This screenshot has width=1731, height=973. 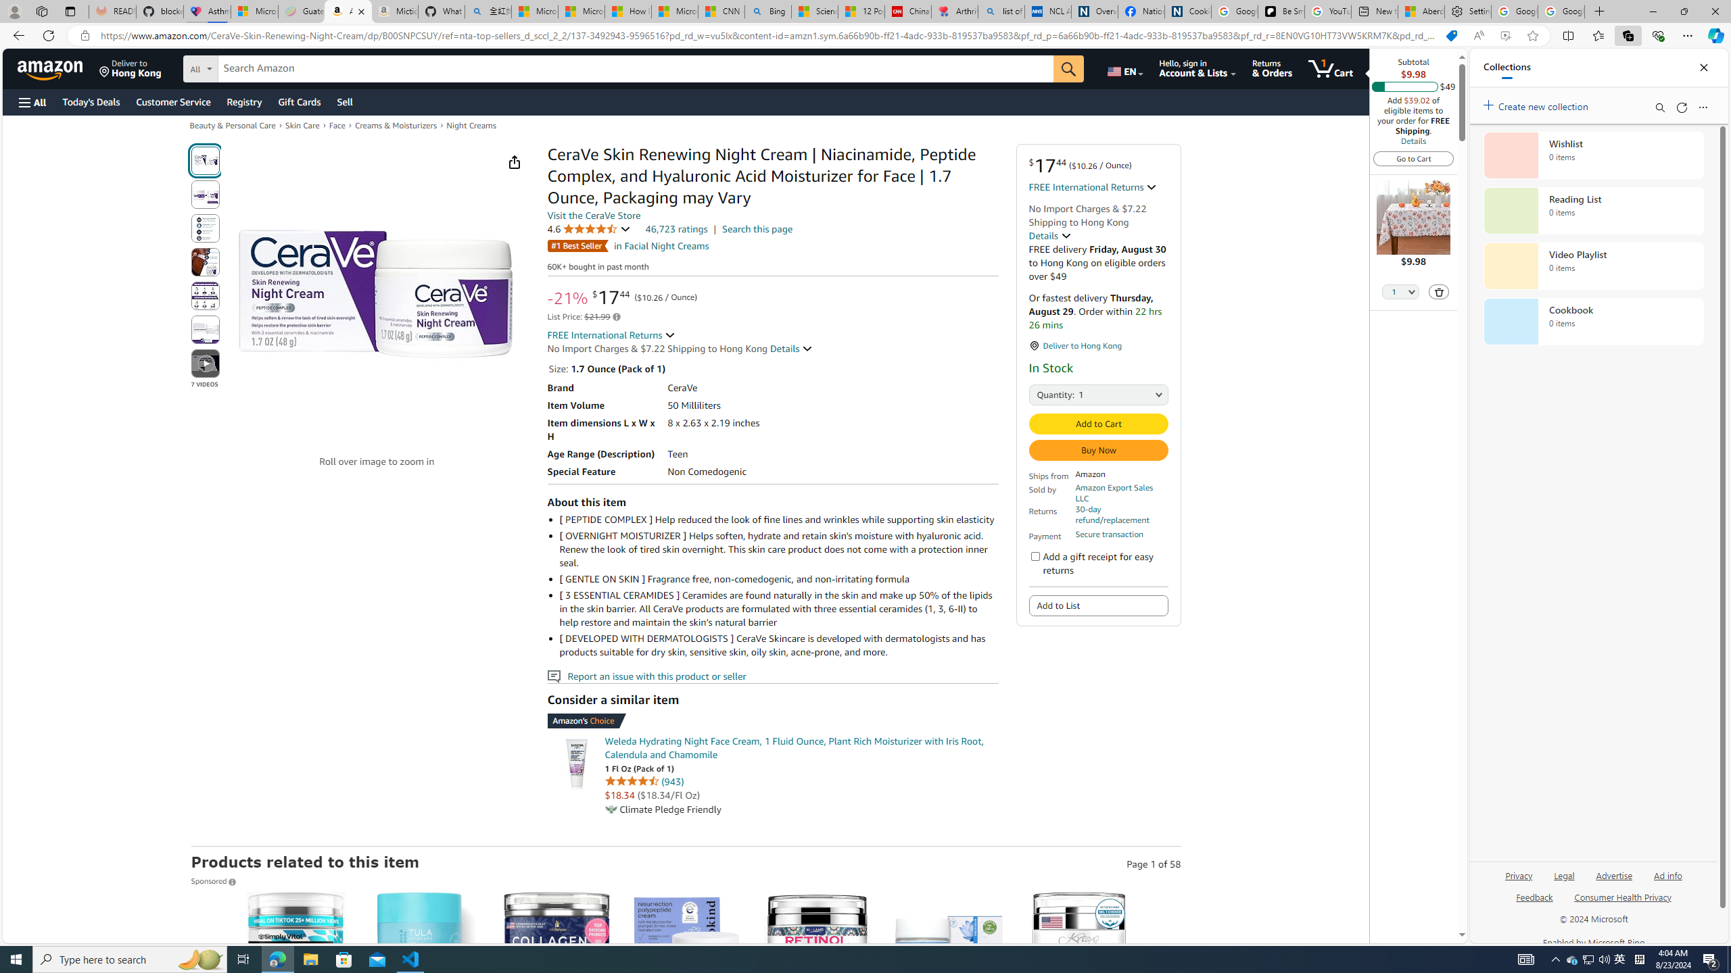 What do you see at coordinates (1329, 68) in the screenshot?
I see `'1 item in cart'` at bounding box center [1329, 68].